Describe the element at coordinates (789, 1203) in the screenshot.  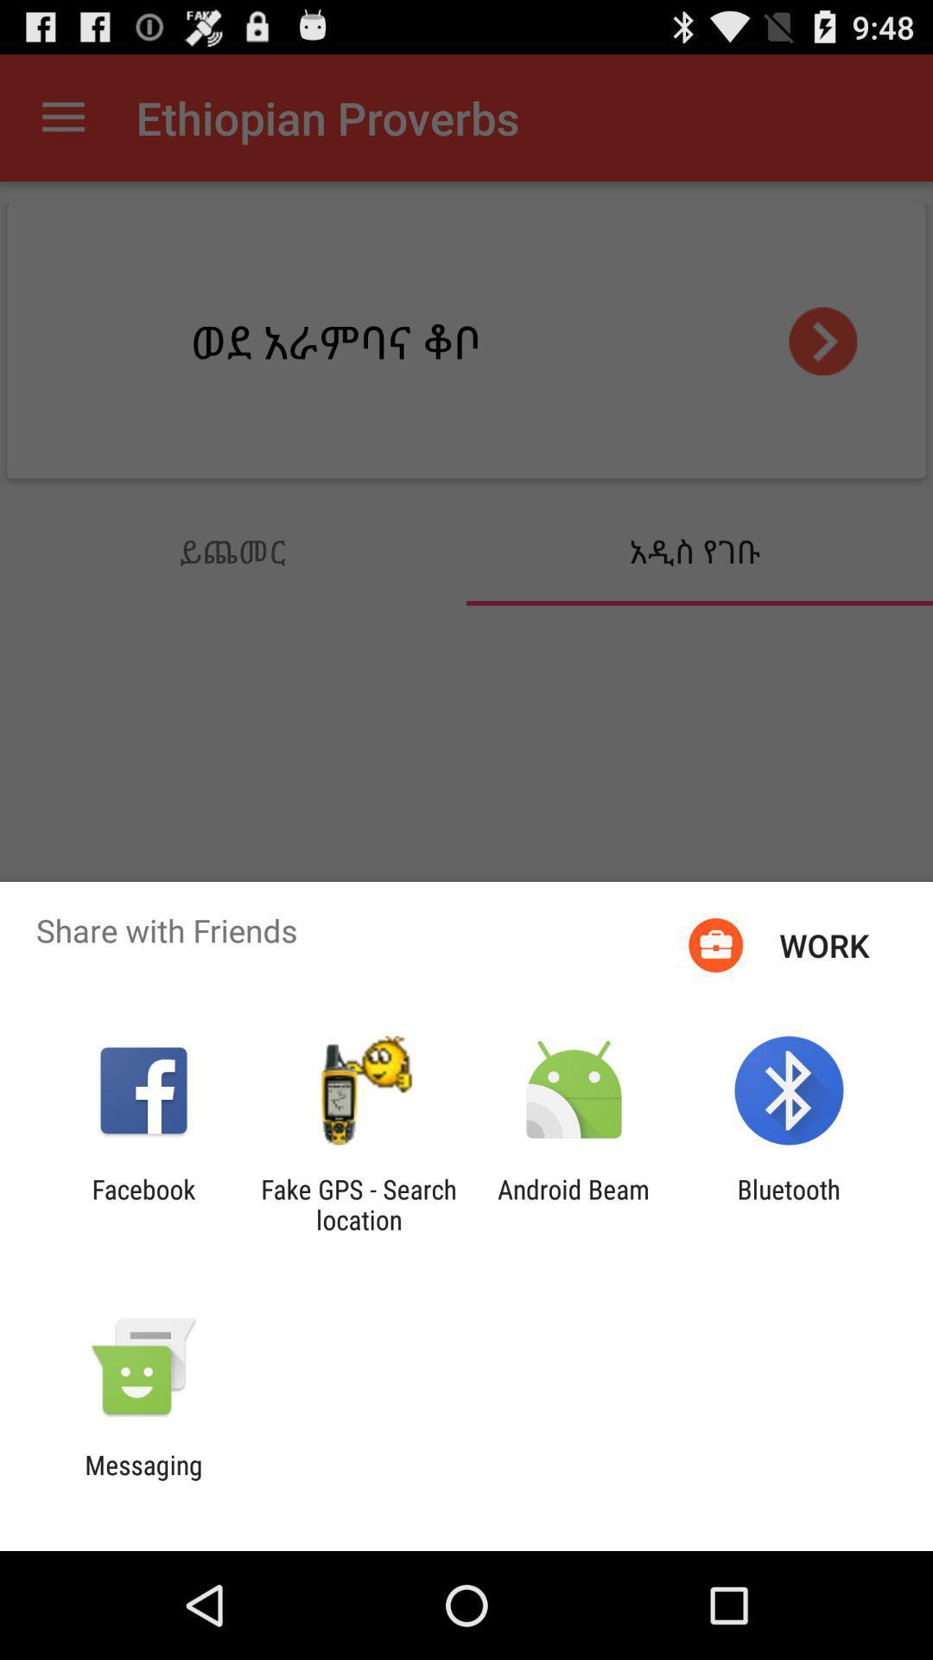
I see `app to the right of the android beam item` at that location.